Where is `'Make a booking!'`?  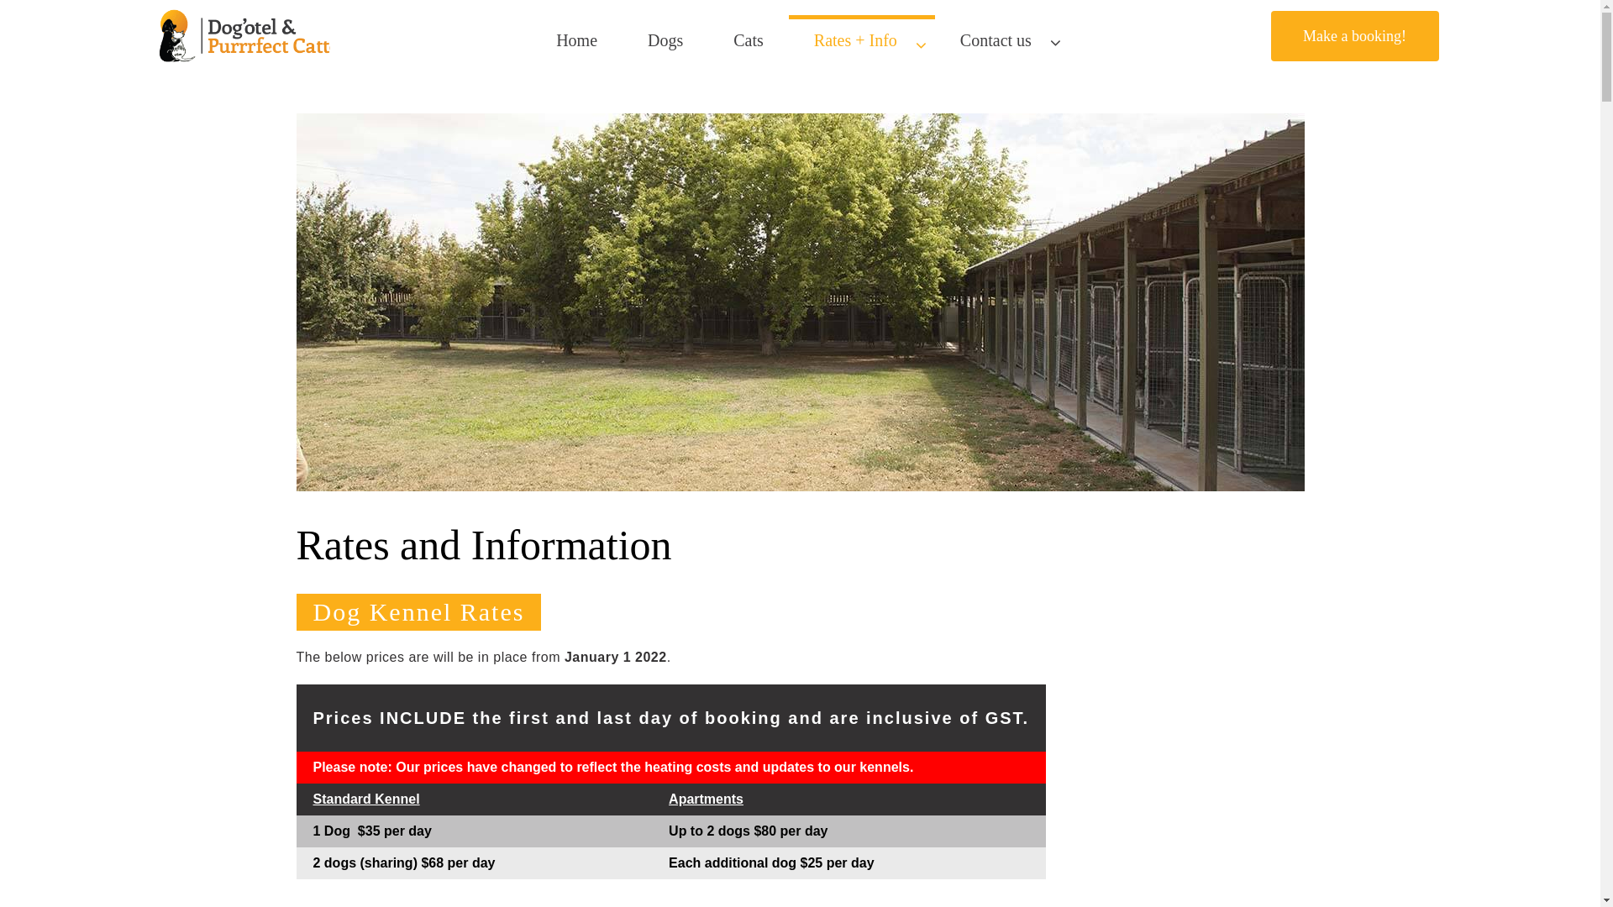 'Make a booking!' is located at coordinates (1354, 35).